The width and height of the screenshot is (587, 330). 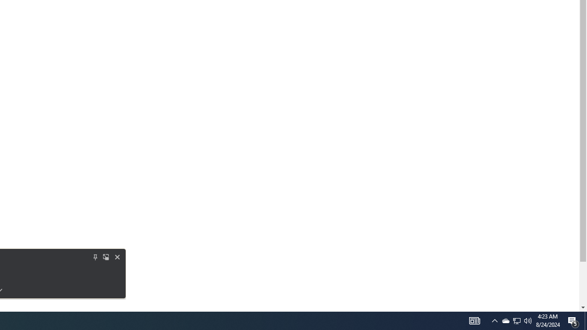 I want to click on 'Show desktop', so click(x=573, y=320).